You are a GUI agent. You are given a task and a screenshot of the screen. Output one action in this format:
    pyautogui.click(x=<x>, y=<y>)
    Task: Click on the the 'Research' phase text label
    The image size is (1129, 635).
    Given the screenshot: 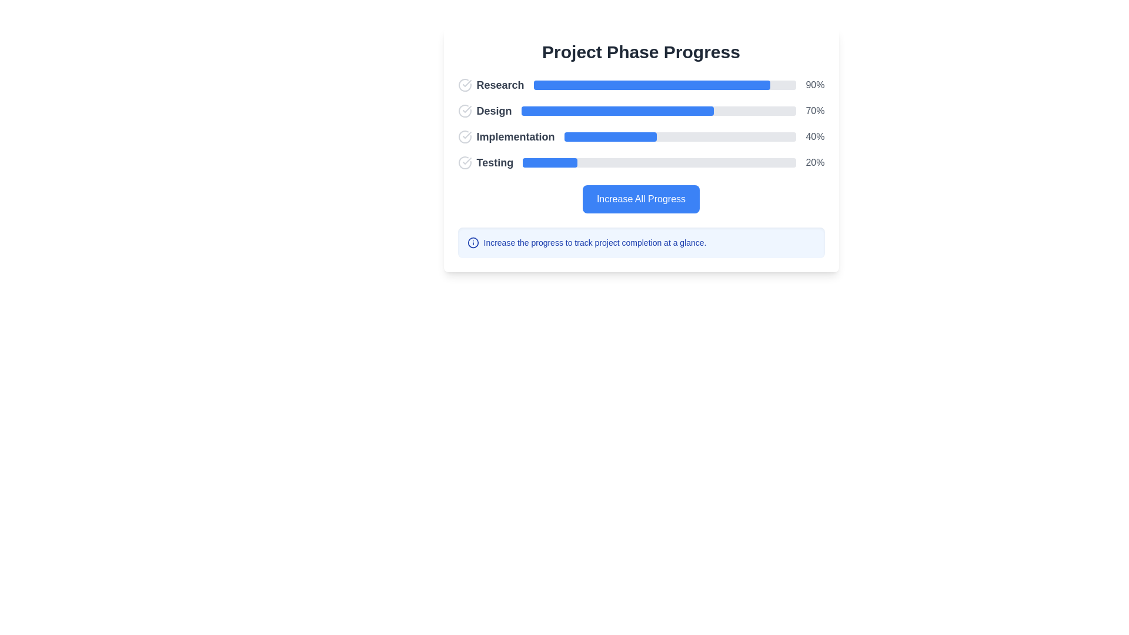 What is the action you would take?
    pyautogui.click(x=500, y=85)
    